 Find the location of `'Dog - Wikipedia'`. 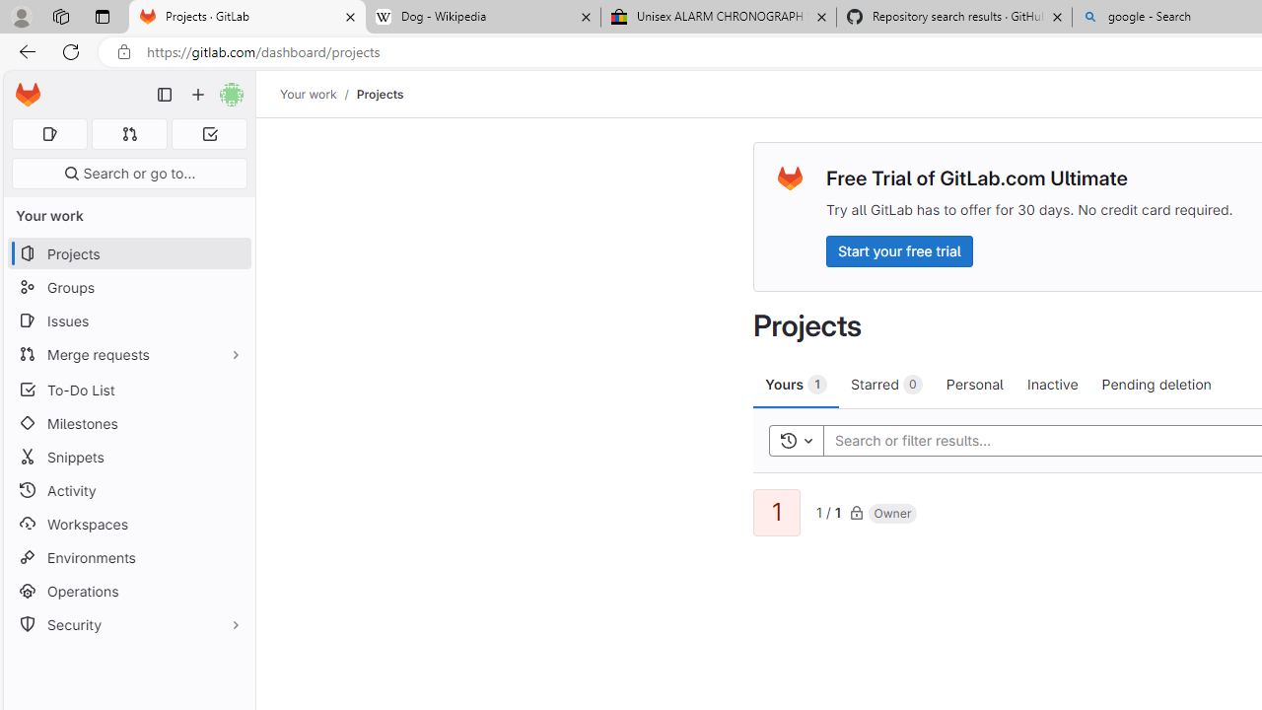

'Dog - Wikipedia' is located at coordinates (483, 17).